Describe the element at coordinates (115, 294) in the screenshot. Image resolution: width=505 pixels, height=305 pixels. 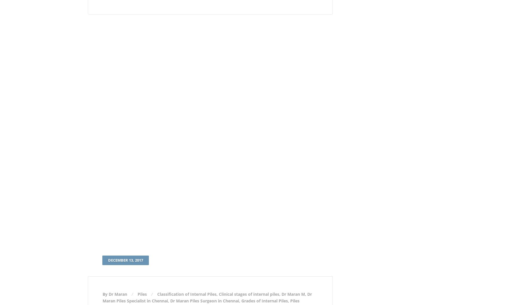
I see `'By  Dr Maran'` at that location.